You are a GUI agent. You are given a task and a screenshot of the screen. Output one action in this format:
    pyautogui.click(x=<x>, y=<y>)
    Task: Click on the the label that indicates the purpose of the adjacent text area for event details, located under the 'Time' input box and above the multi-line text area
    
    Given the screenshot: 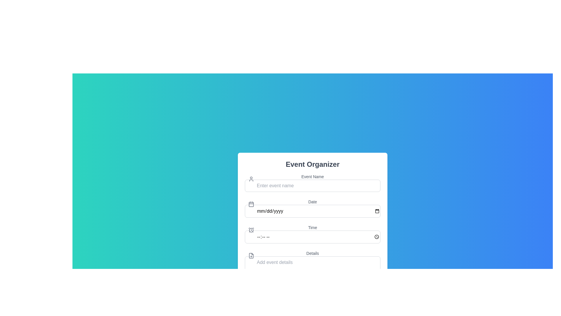 What is the action you would take?
    pyautogui.click(x=312, y=253)
    